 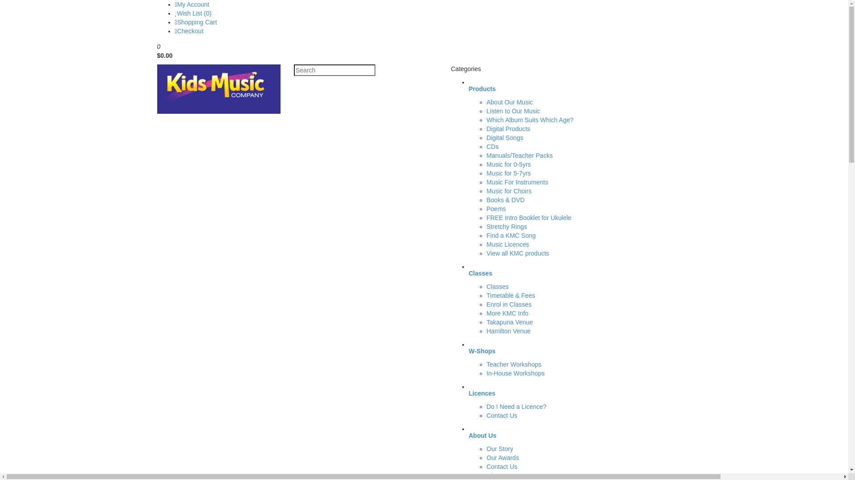 I want to click on 'Manuals/Teacher Packs', so click(x=519, y=155).